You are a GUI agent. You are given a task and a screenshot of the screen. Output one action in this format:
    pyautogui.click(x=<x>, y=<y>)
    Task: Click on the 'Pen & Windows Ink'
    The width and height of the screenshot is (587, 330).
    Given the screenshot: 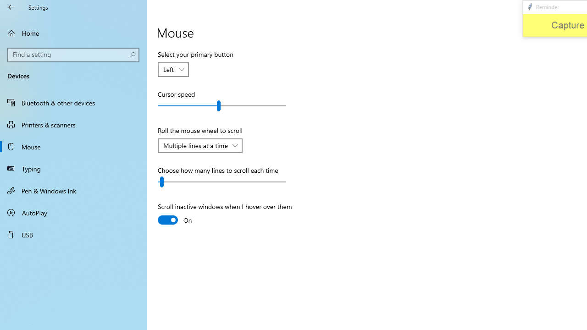 What is the action you would take?
    pyautogui.click(x=73, y=190)
    